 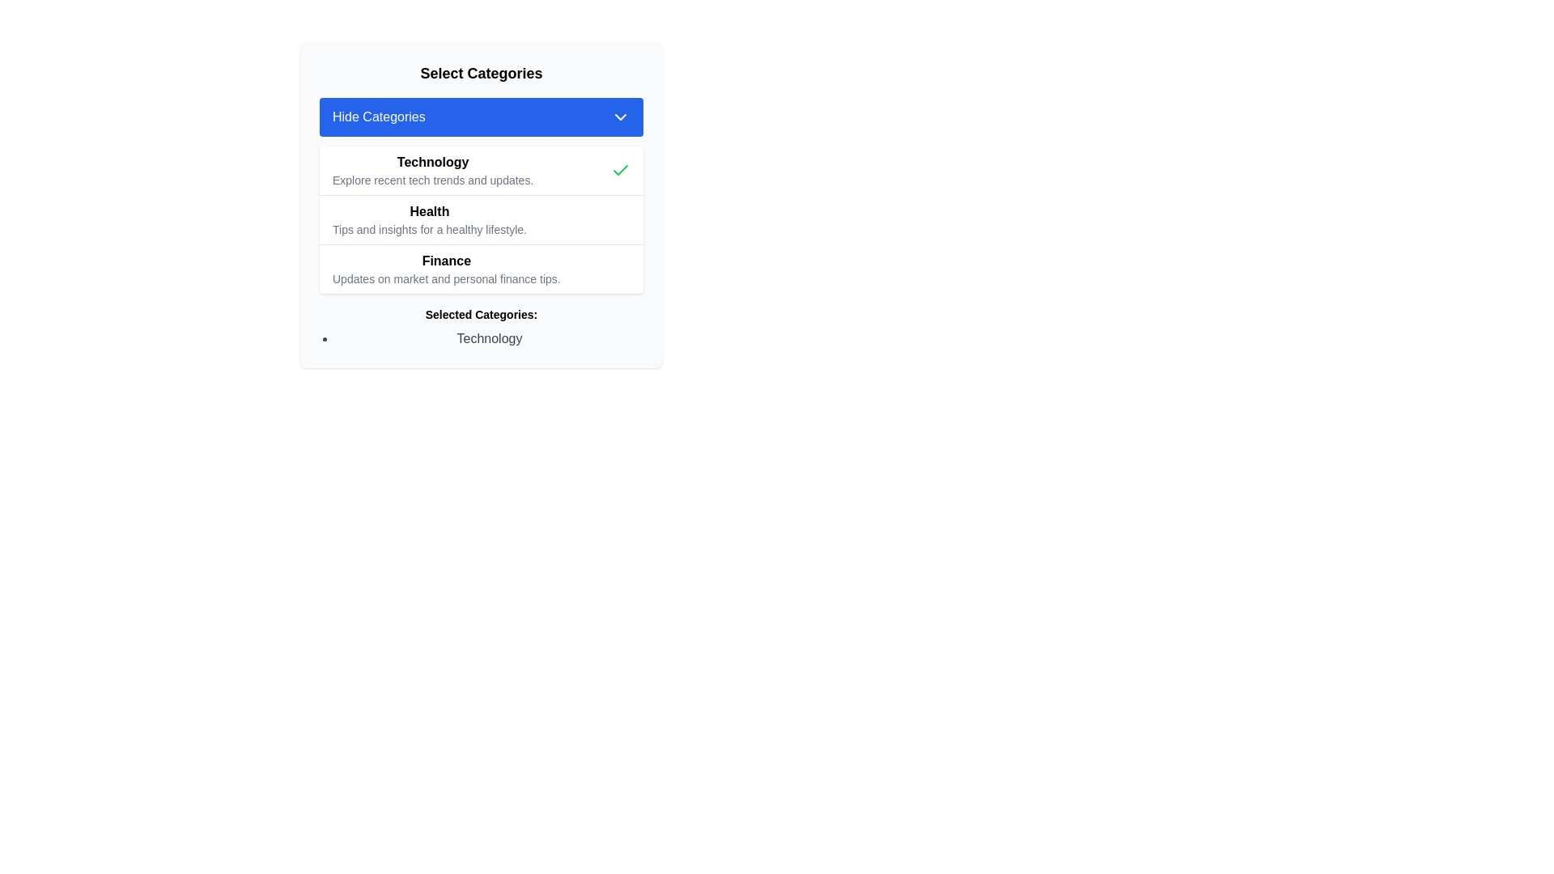 What do you see at coordinates (429, 220) in the screenshot?
I see `the informational text element that describes health-related content, which is the second item in the category selection interface, located between 'Technology' and 'Finance'` at bounding box center [429, 220].